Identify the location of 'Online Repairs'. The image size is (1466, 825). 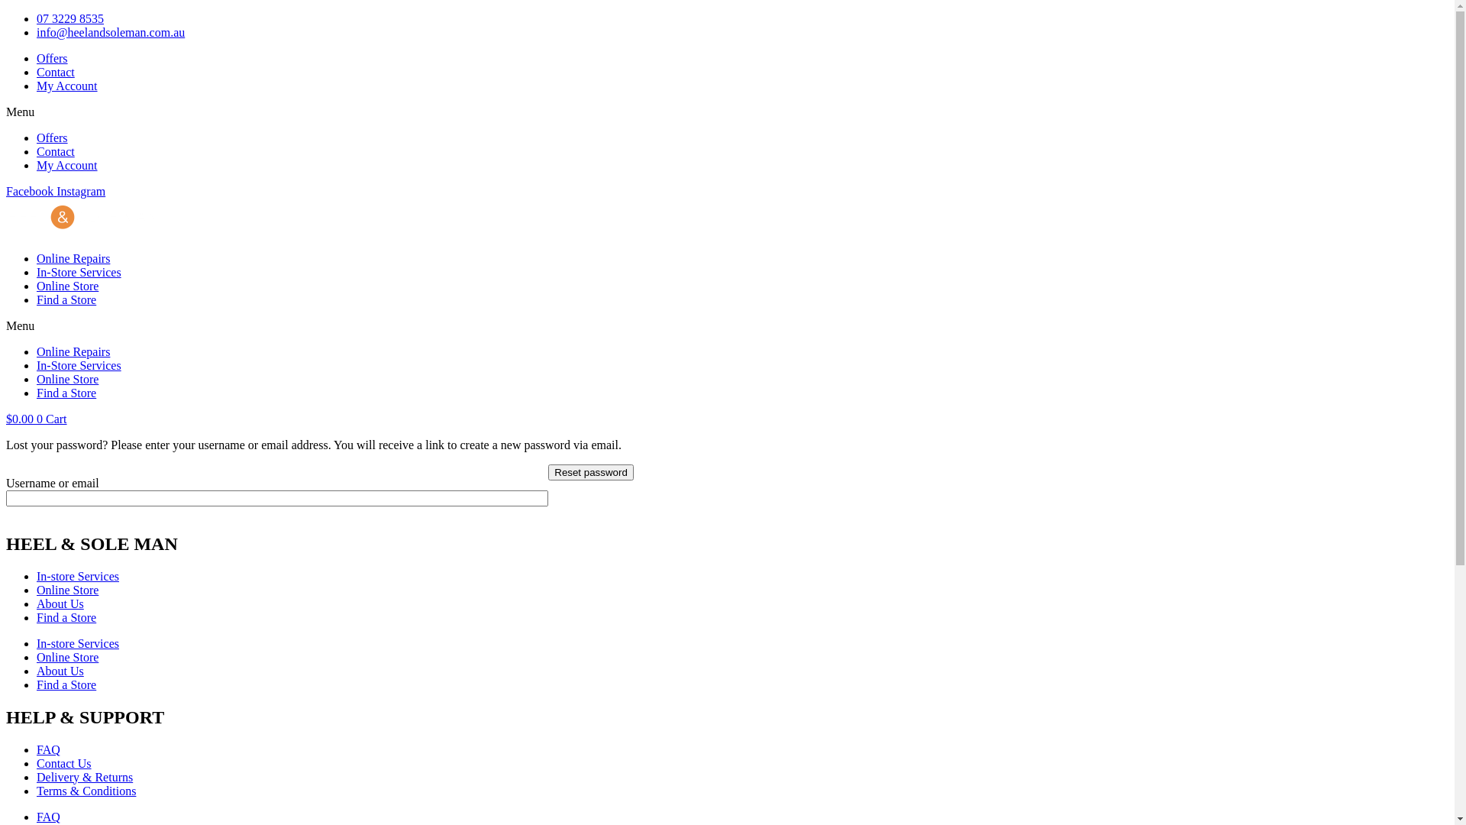
(73, 351).